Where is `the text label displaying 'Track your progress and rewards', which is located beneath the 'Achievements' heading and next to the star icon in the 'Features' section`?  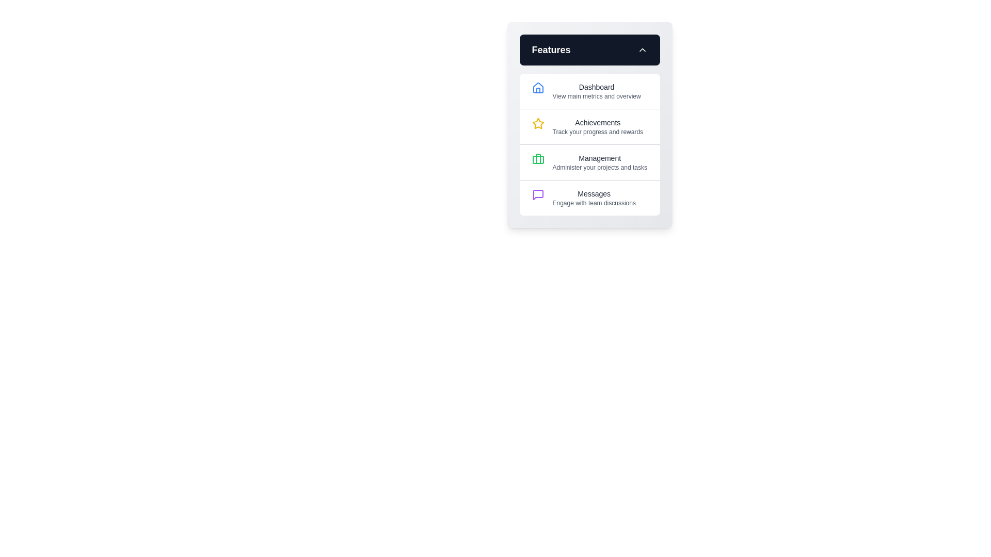
the text label displaying 'Track your progress and rewards', which is located beneath the 'Achievements' heading and next to the star icon in the 'Features' section is located at coordinates (598, 131).